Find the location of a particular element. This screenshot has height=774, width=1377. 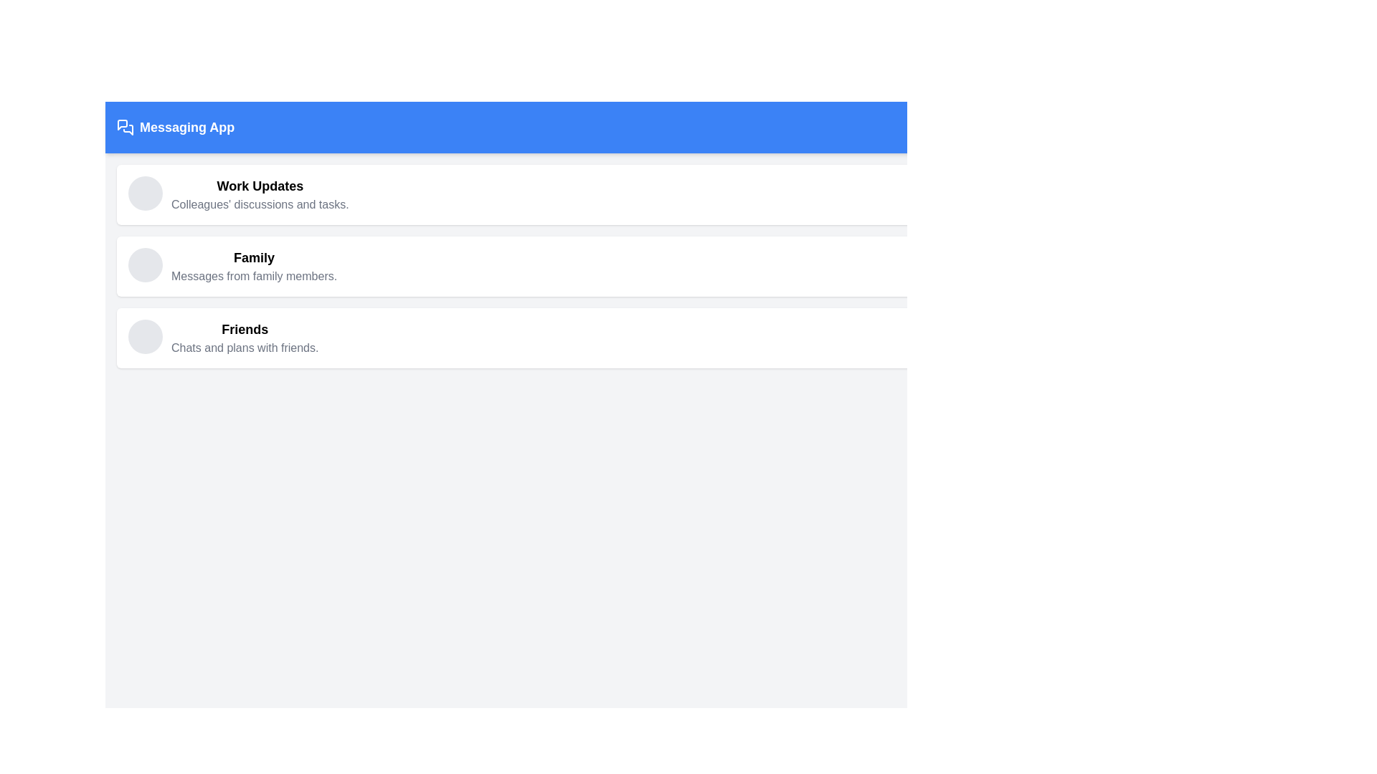

the 'Messaging App' text label, which is styled with a bold white font on a blue rectangular background, located in the upper-left corner of the interface is located at coordinates (175, 126).